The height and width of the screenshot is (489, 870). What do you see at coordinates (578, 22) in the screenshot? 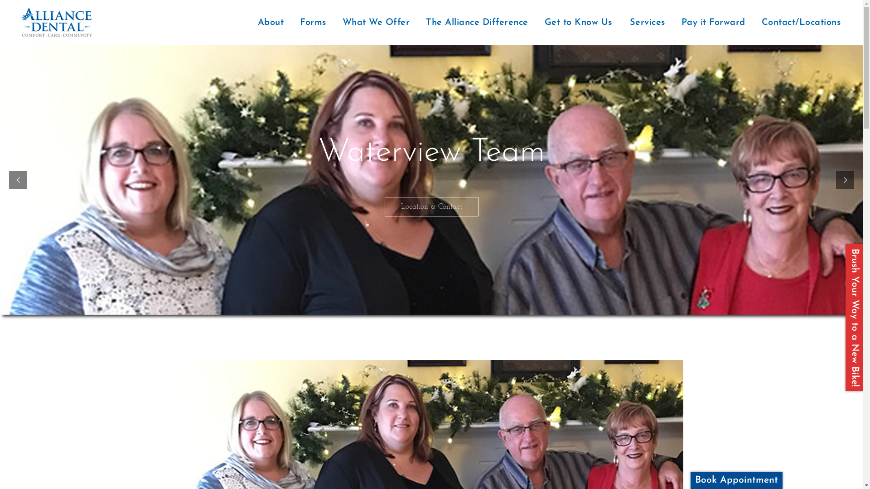
I see `'Get to Know Us'` at bounding box center [578, 22].